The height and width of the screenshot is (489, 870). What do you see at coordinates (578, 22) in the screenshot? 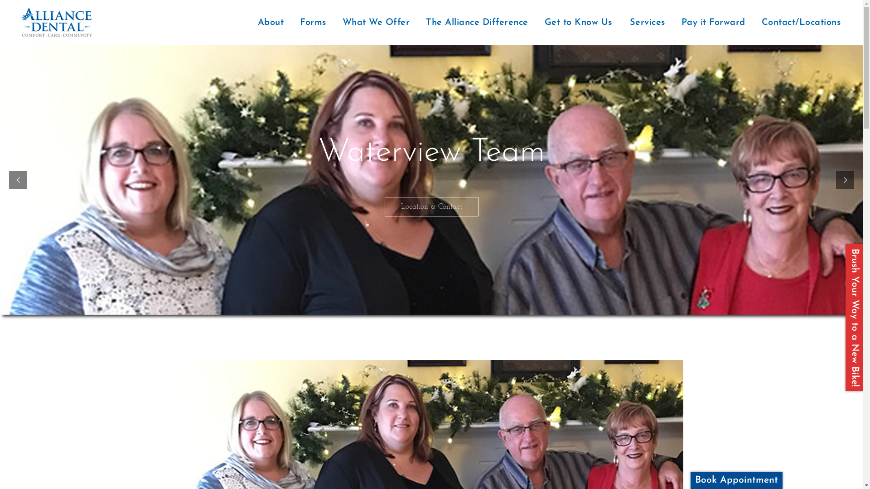
I see `'Get to Know Us'` at bounding box center [578, 22].